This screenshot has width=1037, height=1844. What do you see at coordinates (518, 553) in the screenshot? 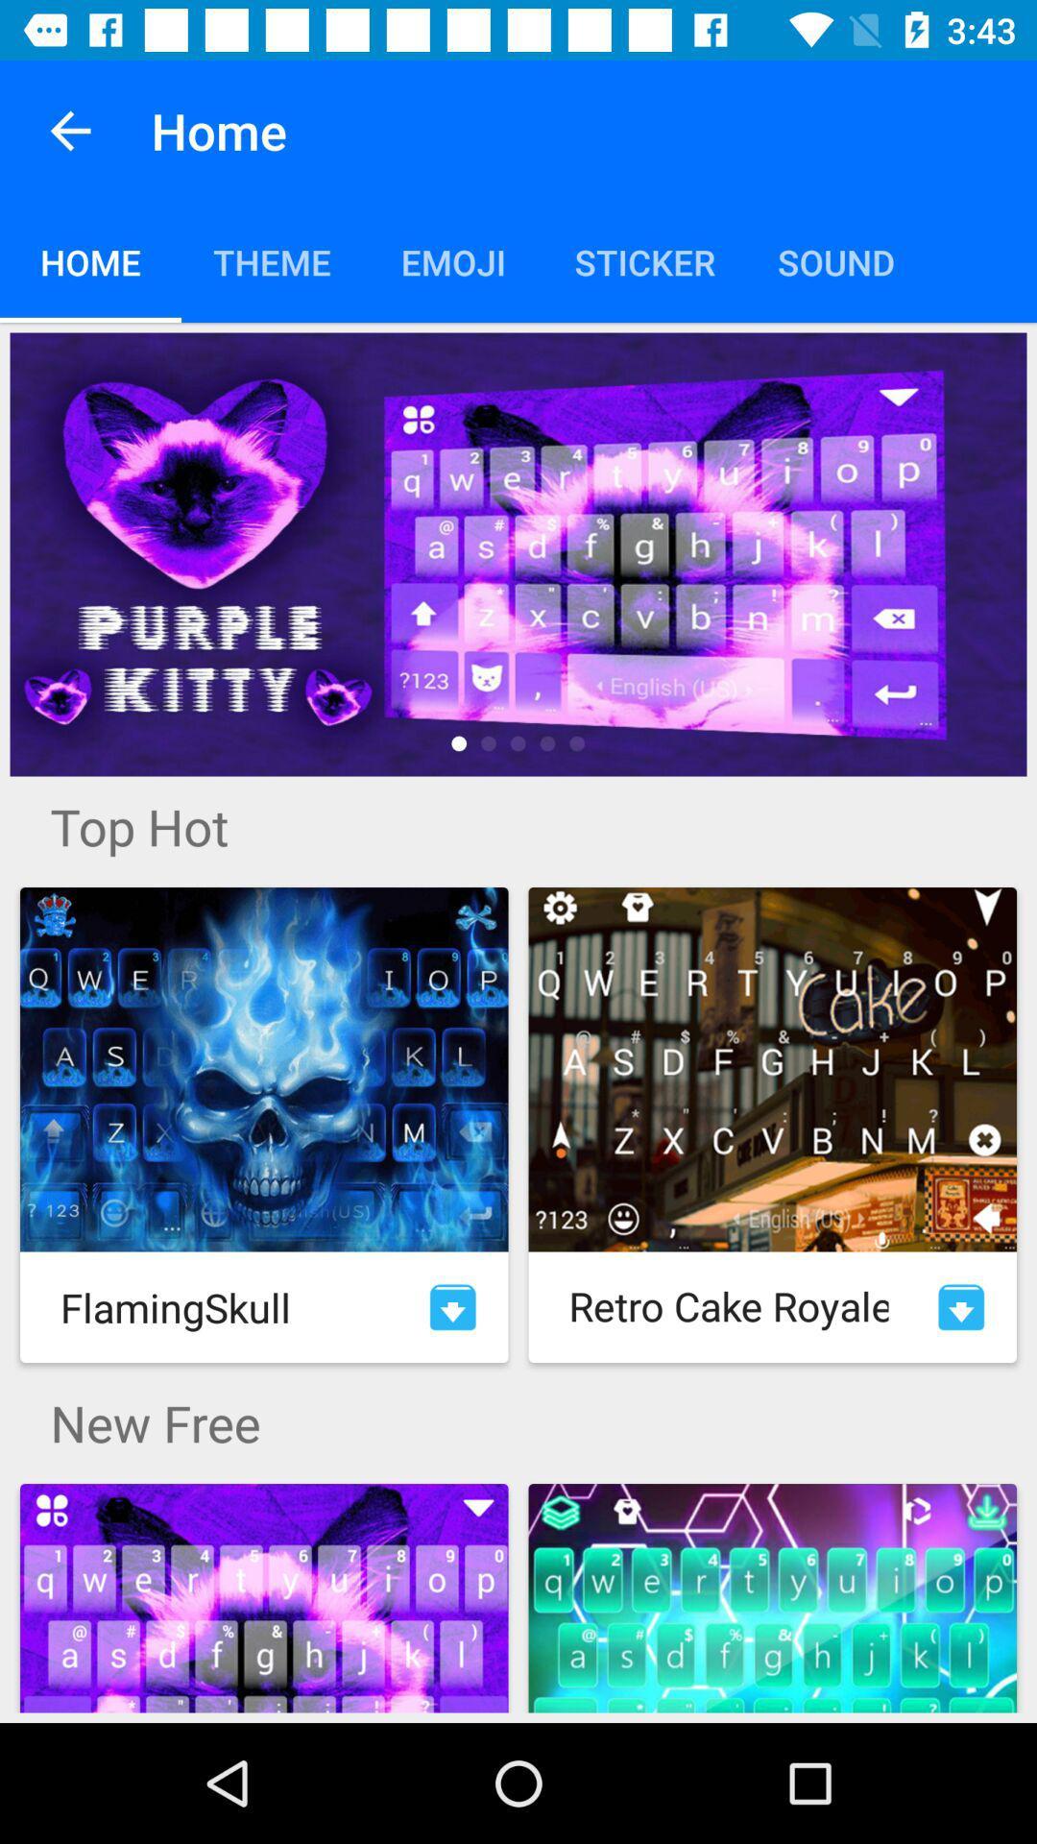
I see `go top keyboard themes` at bounding box center [518, 553].